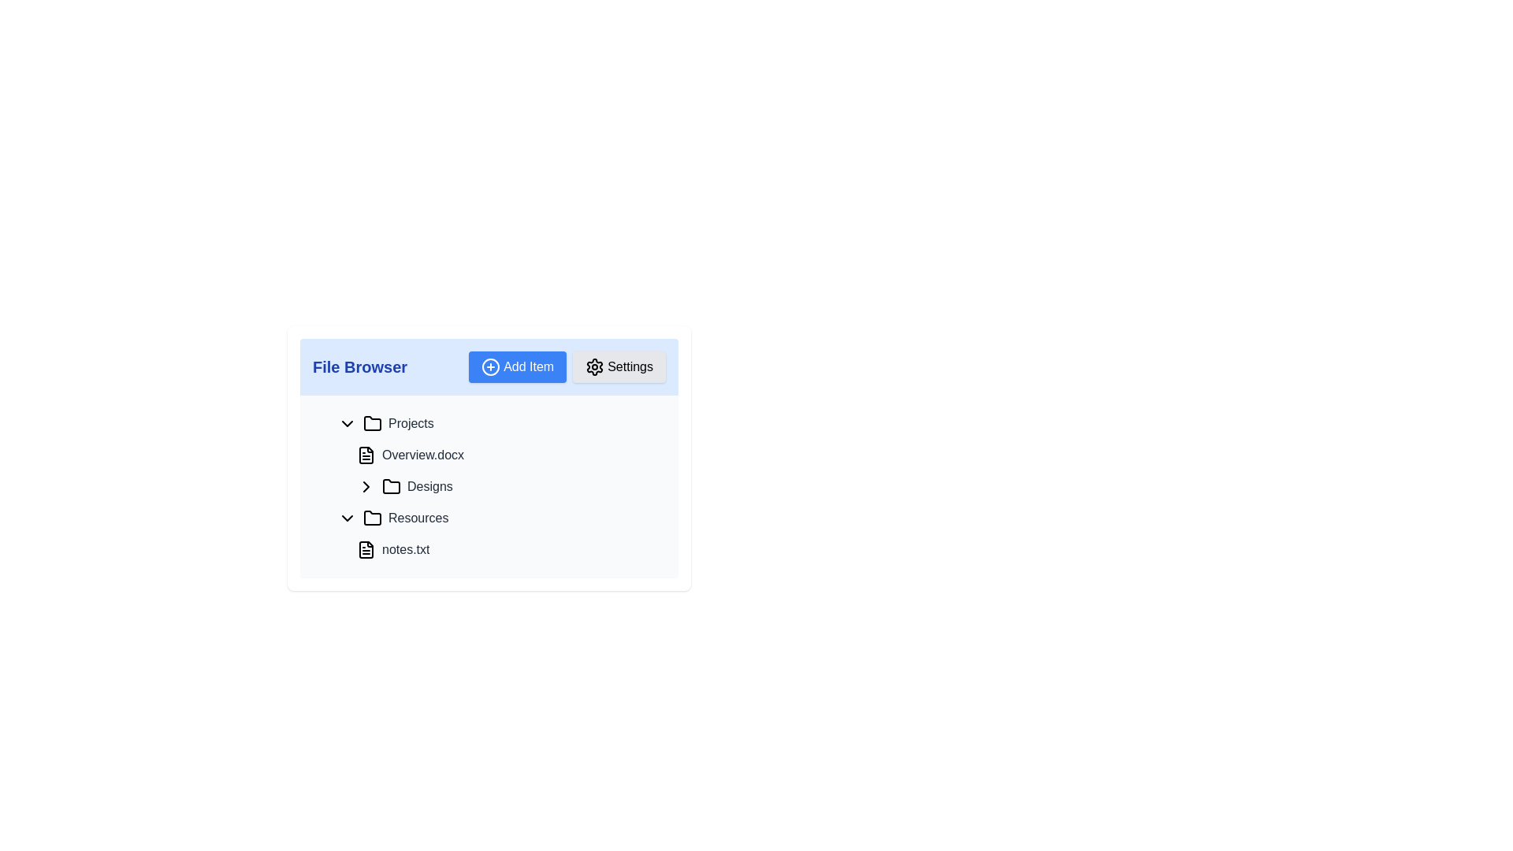  I want to click on the text label 'Overview.docx' located, so click(423, 455).